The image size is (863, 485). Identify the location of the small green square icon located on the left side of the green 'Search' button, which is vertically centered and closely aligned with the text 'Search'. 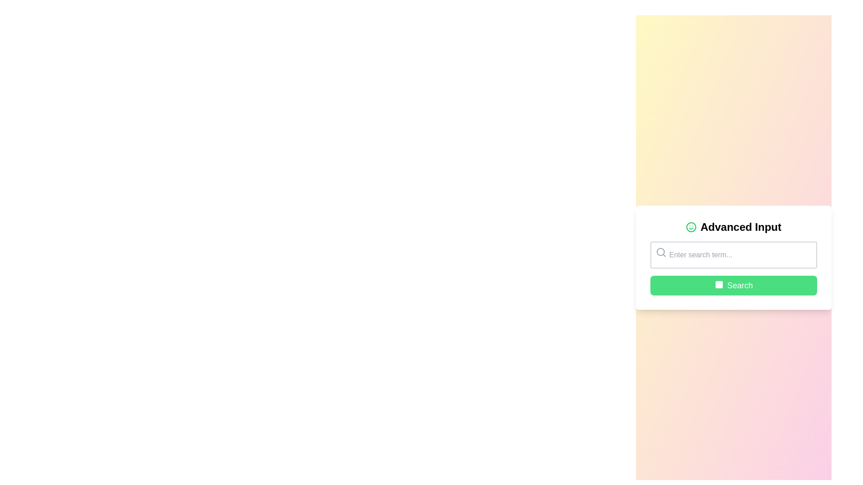
(718, 286).